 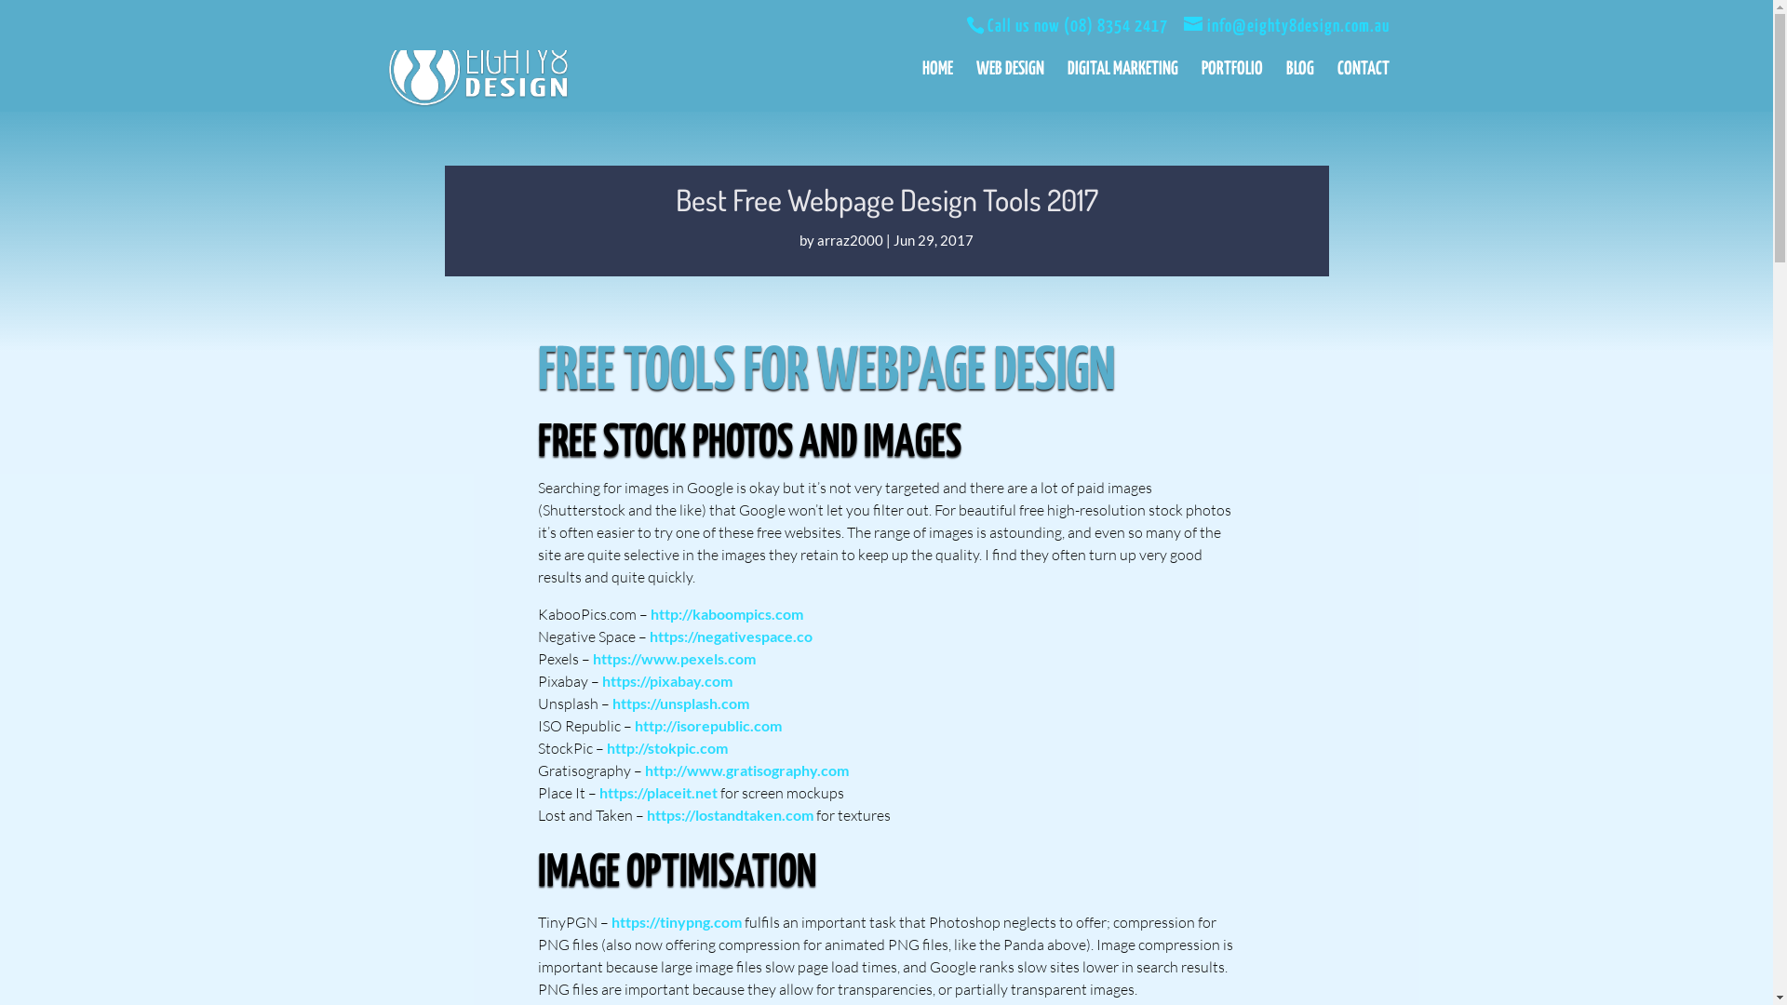 What do you see at coordinates (936, 87) in the screenshot?
I see `'HOME'` at bounding box center [936, 87].